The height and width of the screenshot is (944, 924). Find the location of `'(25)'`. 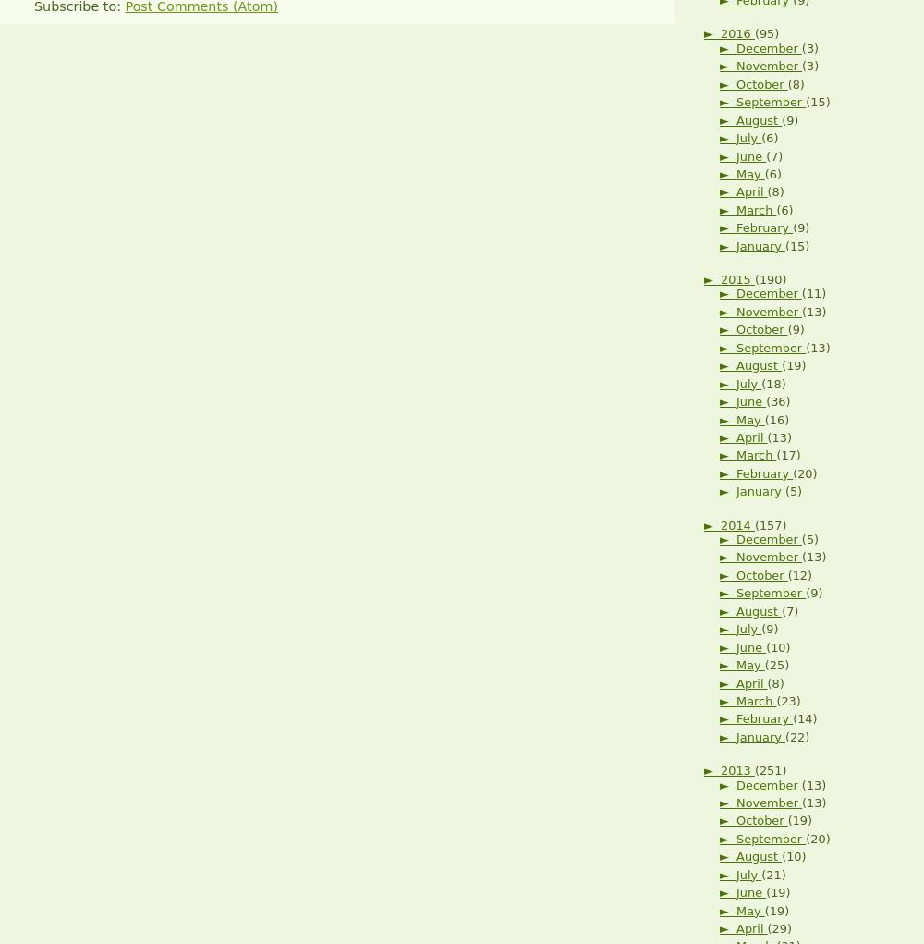

'(25)' is located at coordinates (775, 664).